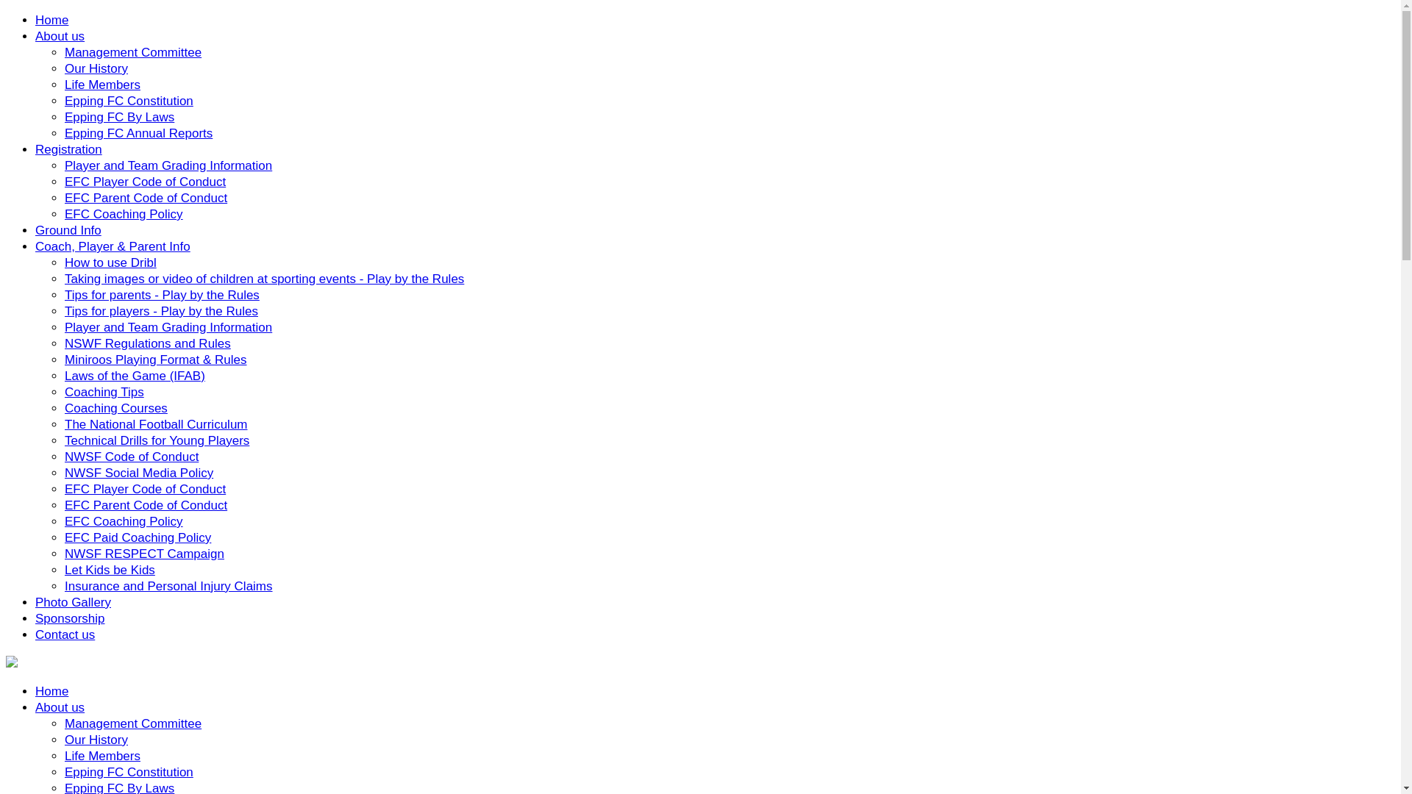  What do you see at coordinates (138, 537) in the screenshot?
I see `'EFC Paid Coaching Policy'` at bounding box center [138, 537].